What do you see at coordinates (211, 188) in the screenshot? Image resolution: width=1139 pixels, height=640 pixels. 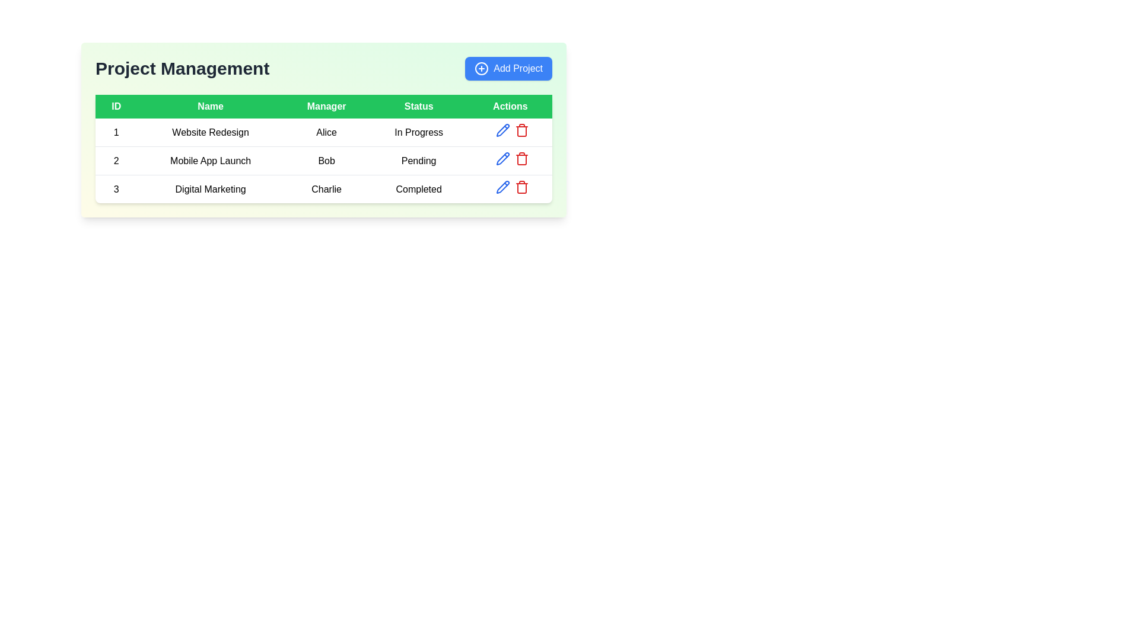 I see `the text cell displaying 'Digital Marketing' in the second column of the third row of the table` at bounding box center [211, 188].